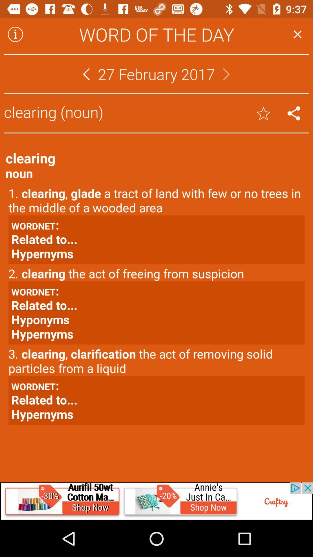 The height and width of the screenshot is (557, 313). I want to click on information, so click(15, 34).